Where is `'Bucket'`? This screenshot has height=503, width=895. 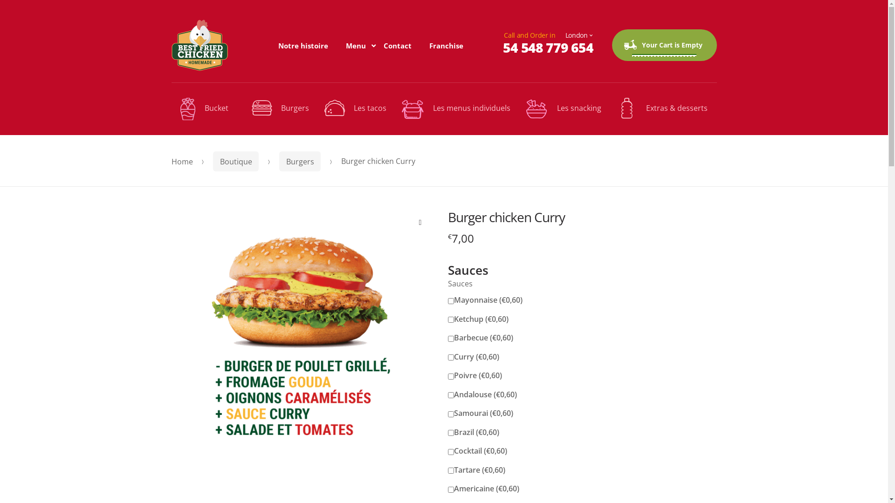 'Bucket' is located at coordinates (208, 109).